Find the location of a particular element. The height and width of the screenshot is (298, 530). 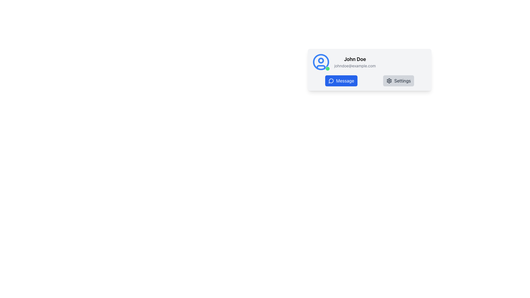

the settings SVG icon located within the button labeled 'Settings' at the lower-right corner of the profile card is located at coordinates (389, 81).